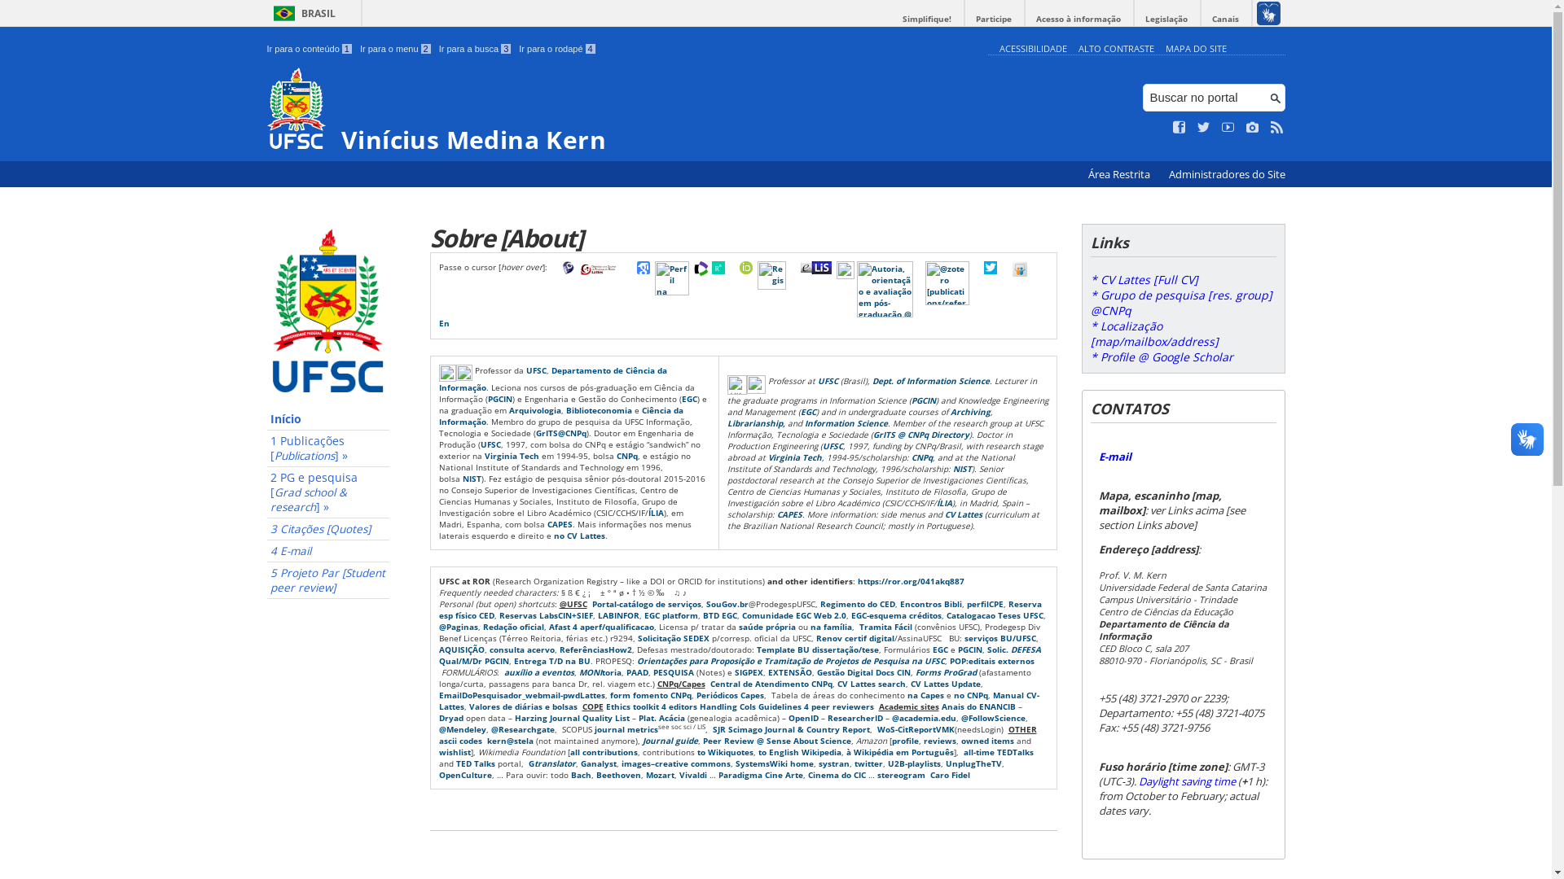  Describe the element at coordinates (459, 741) in the screenshot. I see `'ascii codes'` at that location.